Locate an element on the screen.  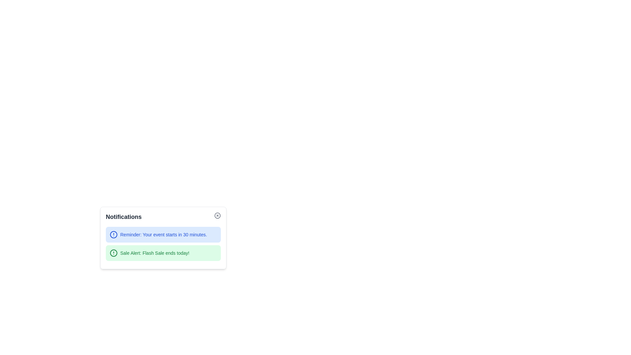
the informational text element that conveys important time-sensitive information about a Flash Sale, located within a green-highlighted warning notification box at the bottom of the interface is located at coordinates (154, 253).